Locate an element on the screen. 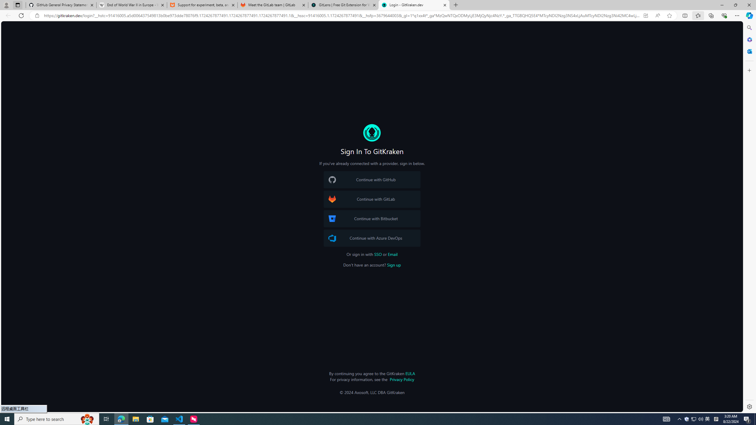  'Email' is located at coordinates (392, 254).